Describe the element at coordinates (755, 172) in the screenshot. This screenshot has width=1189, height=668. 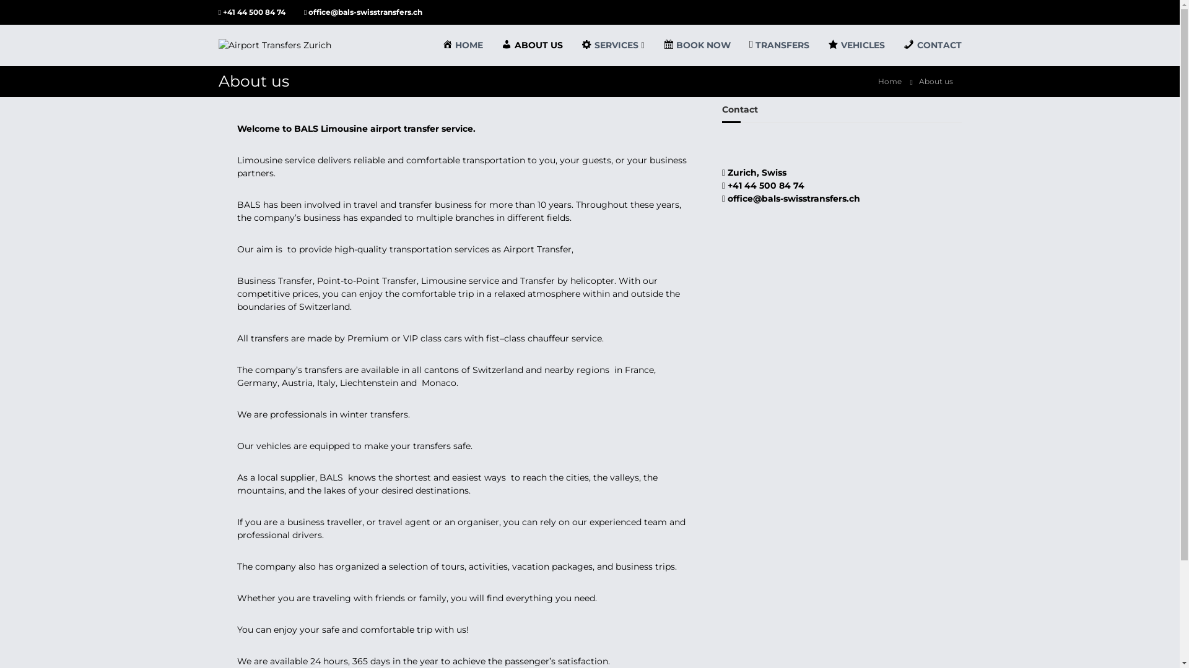
I see `'Zurich, Swiss'` at that location.